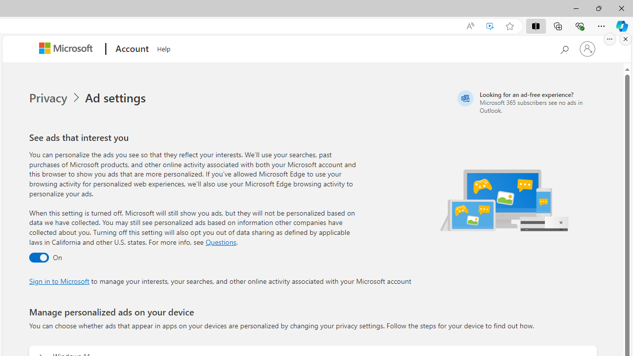 This screenshot has width=633, height=356. I want to click on 'Illustration of multiple devices', so click(505, 200).